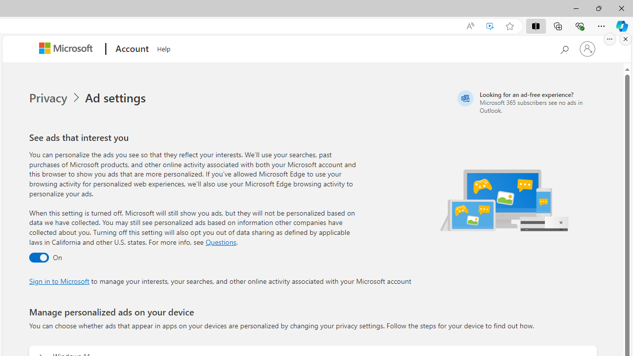 This screenshot has width=633, height=356. I want to click on 'Illustration of multiple devices', so click(505, 200).